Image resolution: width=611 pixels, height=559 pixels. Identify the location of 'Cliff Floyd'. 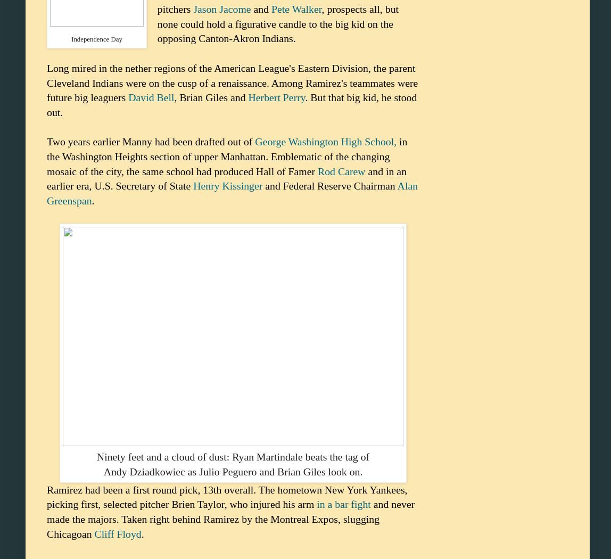
(94, 533).